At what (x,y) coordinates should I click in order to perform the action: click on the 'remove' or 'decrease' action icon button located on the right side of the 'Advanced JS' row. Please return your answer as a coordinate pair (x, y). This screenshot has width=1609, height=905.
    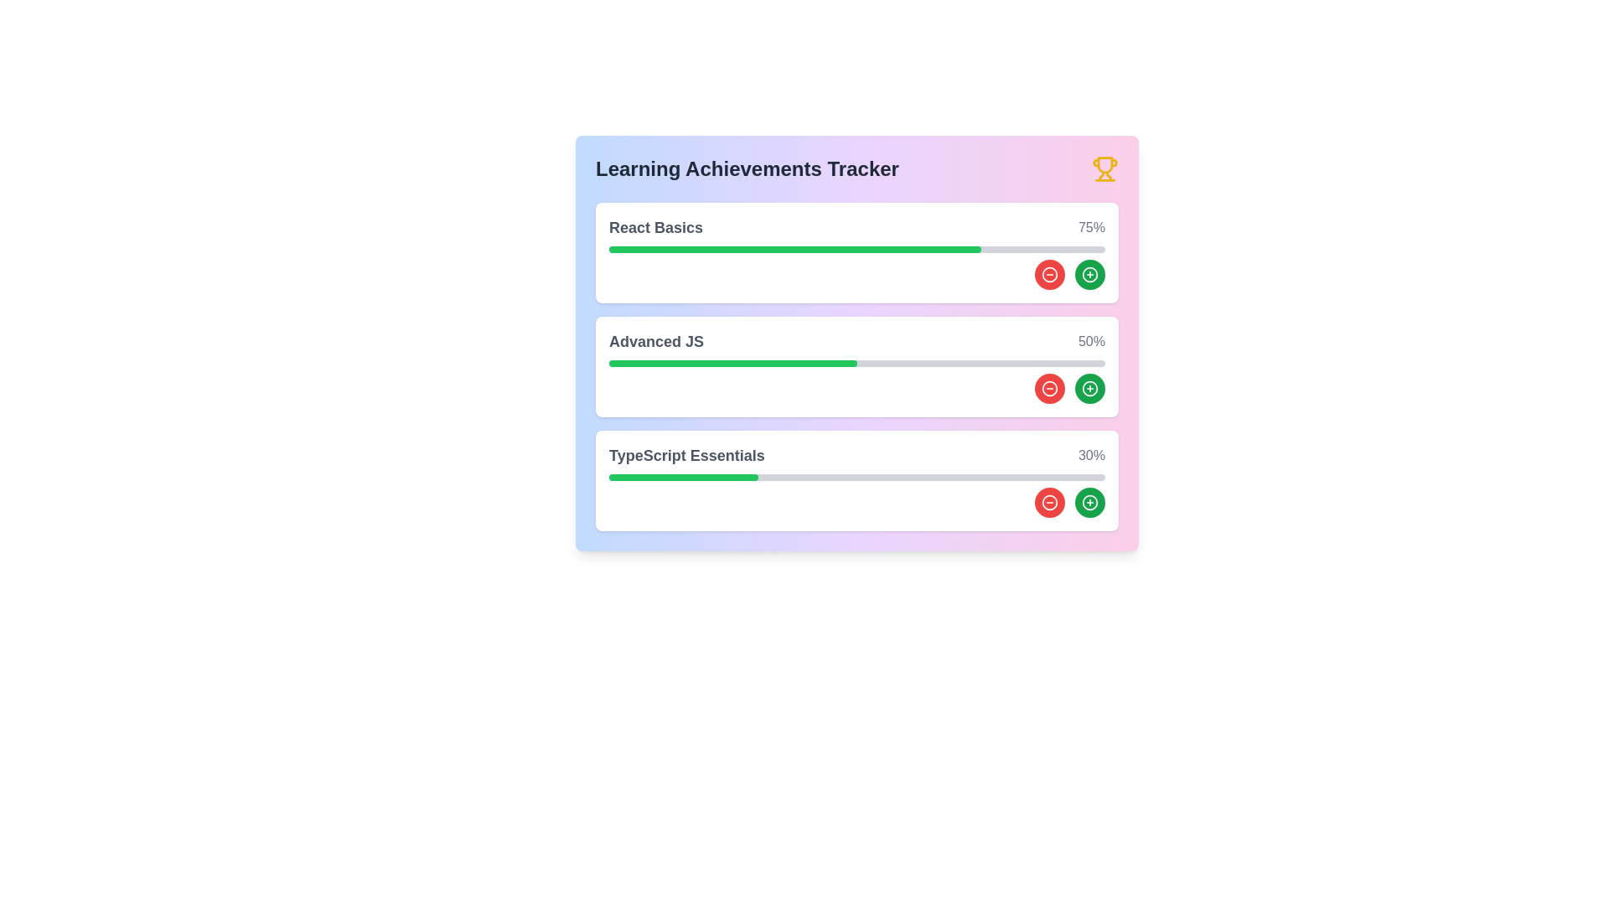
    Looking at the image, I should click on (1048, 502).